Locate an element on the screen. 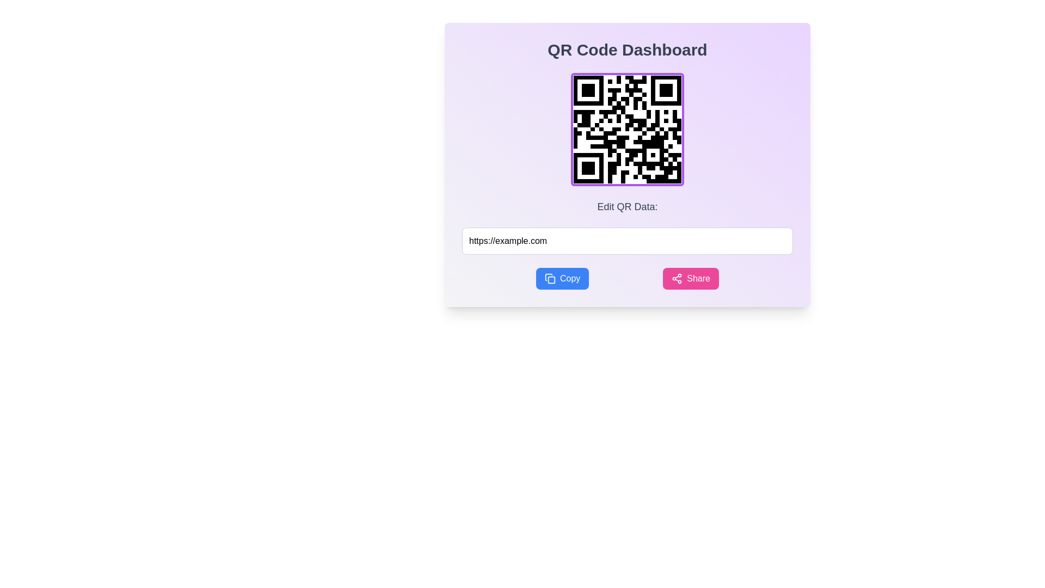 The image size is (1045, 588). the pink 'Share' button located in the bottom right part of the UI to observe its gradient hover effect is located at coordinates (690, 278).